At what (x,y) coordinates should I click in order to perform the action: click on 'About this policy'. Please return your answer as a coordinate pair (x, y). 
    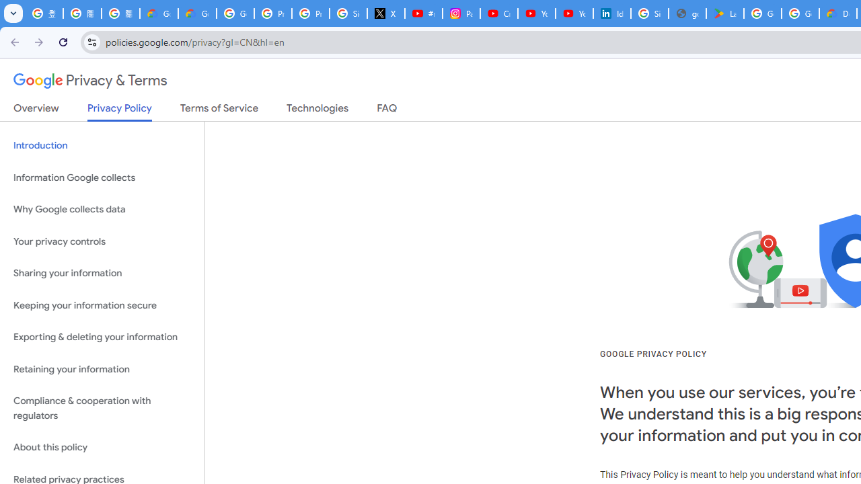
    Looking at the image, I should click on (102, 448).